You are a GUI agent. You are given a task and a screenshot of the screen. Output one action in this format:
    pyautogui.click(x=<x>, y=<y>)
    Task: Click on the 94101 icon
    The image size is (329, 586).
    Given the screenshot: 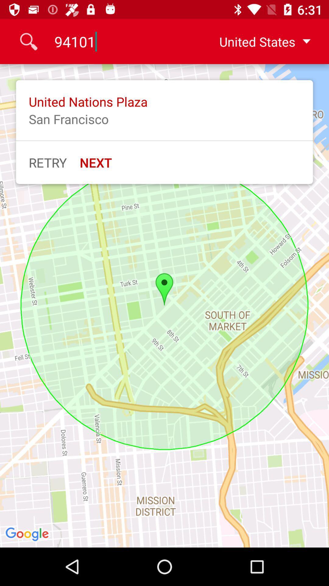 What is the action you would take?
    pyautogui.click(x=124, y=41)
    